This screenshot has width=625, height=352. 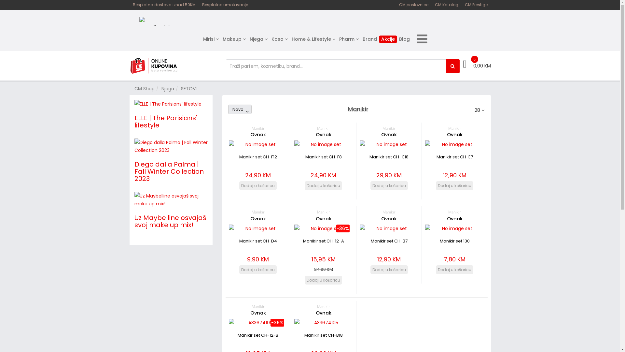 I want to click on 'Manikir set 130', so click(x=454, y=241).